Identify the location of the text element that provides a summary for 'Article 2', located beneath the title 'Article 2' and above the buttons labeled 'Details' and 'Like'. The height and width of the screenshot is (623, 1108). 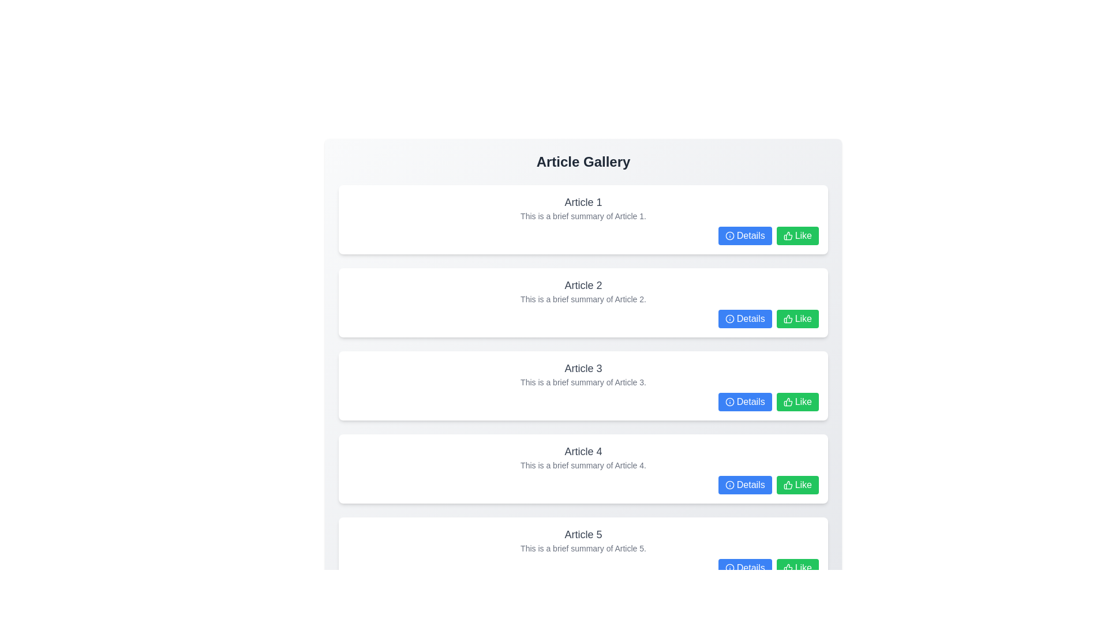
(583, 299).